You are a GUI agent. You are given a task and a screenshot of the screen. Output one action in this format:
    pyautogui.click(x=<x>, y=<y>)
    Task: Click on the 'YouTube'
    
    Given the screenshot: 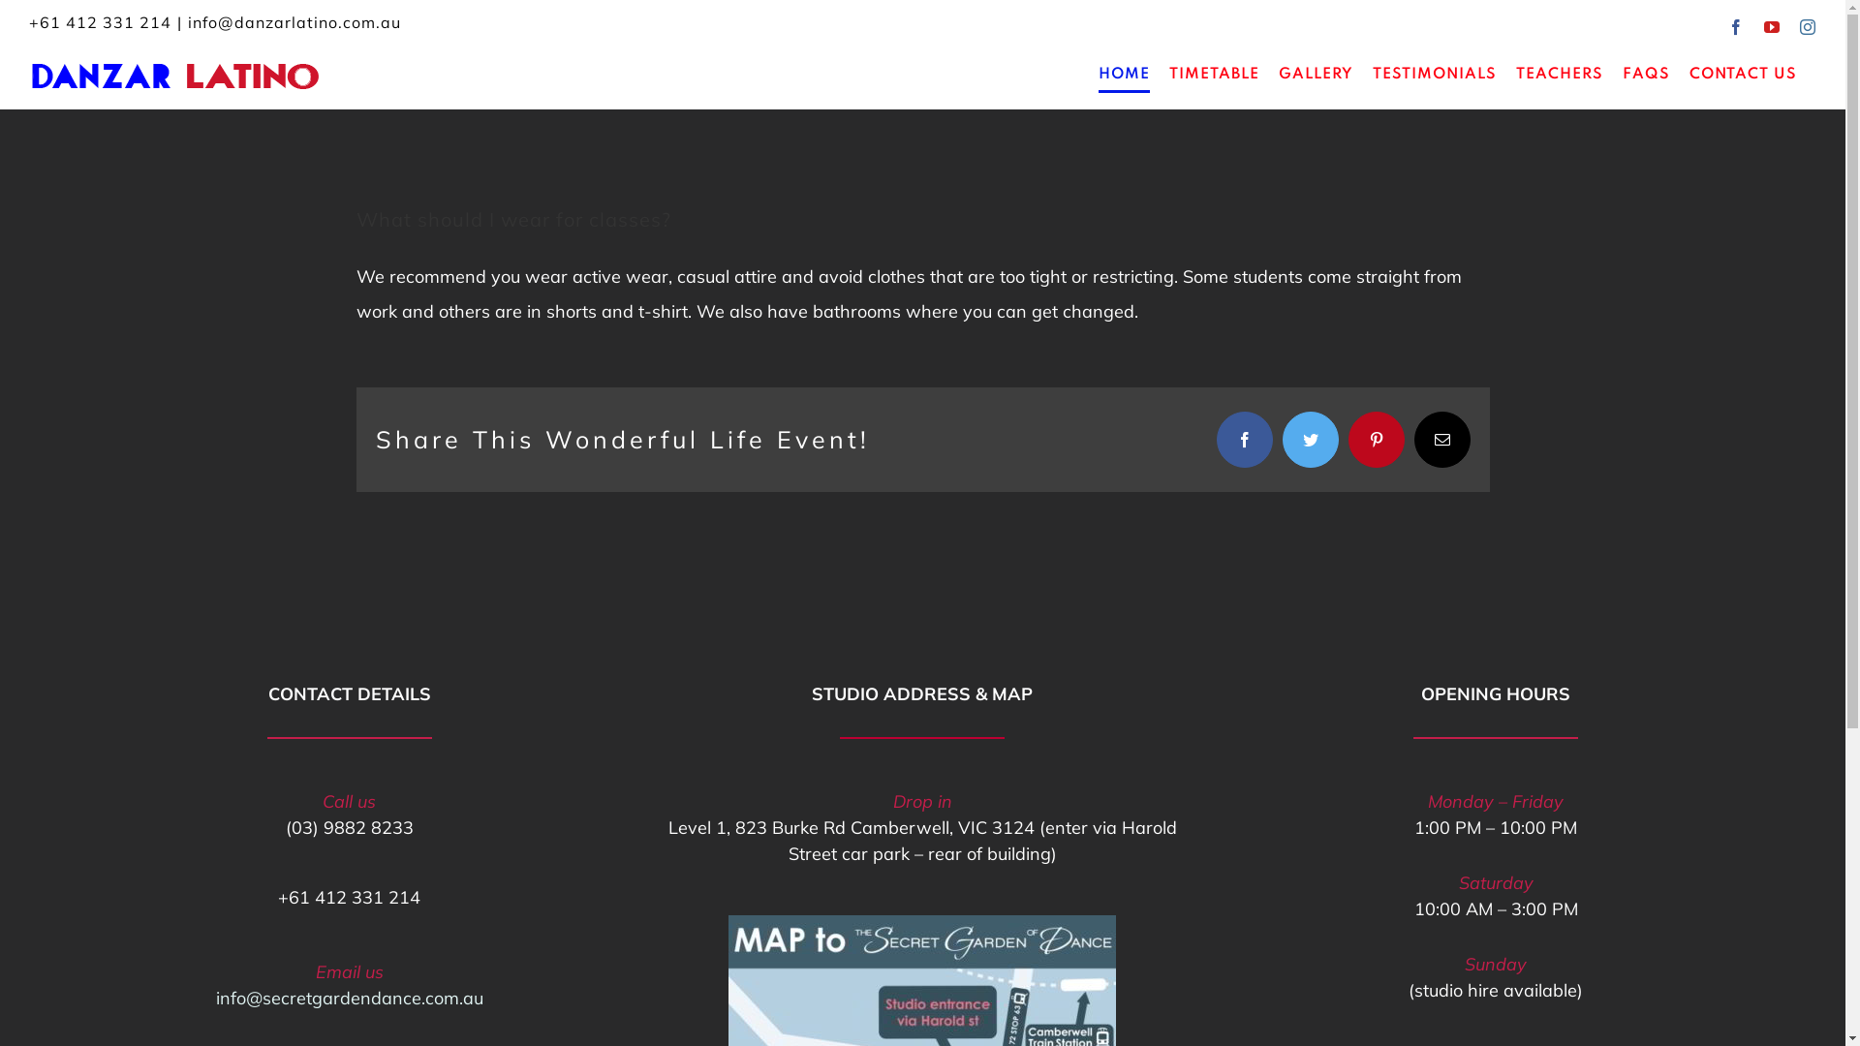 What is the action you would take?
    pyautogui.click(x=1763, y=26)
    